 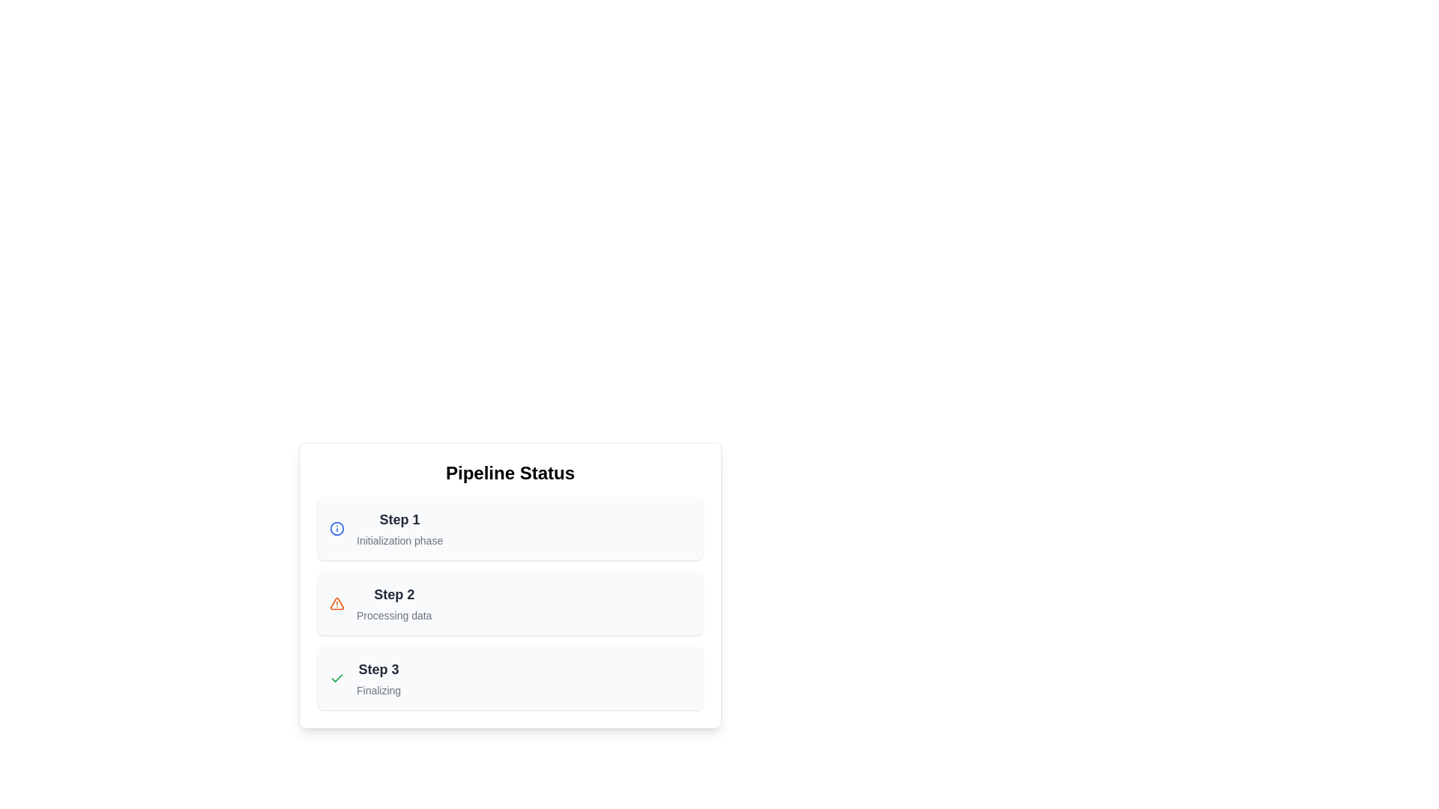 What do you see at coordinates (510, 603) in the screenshot?
I see `the Informational Card that displays the current state or progress of a step in the pipeline process, located centrally below 'Step 1 - Initialization phase' and above 'Step 3 - Finalizing'` at bounding box center [510, 603].